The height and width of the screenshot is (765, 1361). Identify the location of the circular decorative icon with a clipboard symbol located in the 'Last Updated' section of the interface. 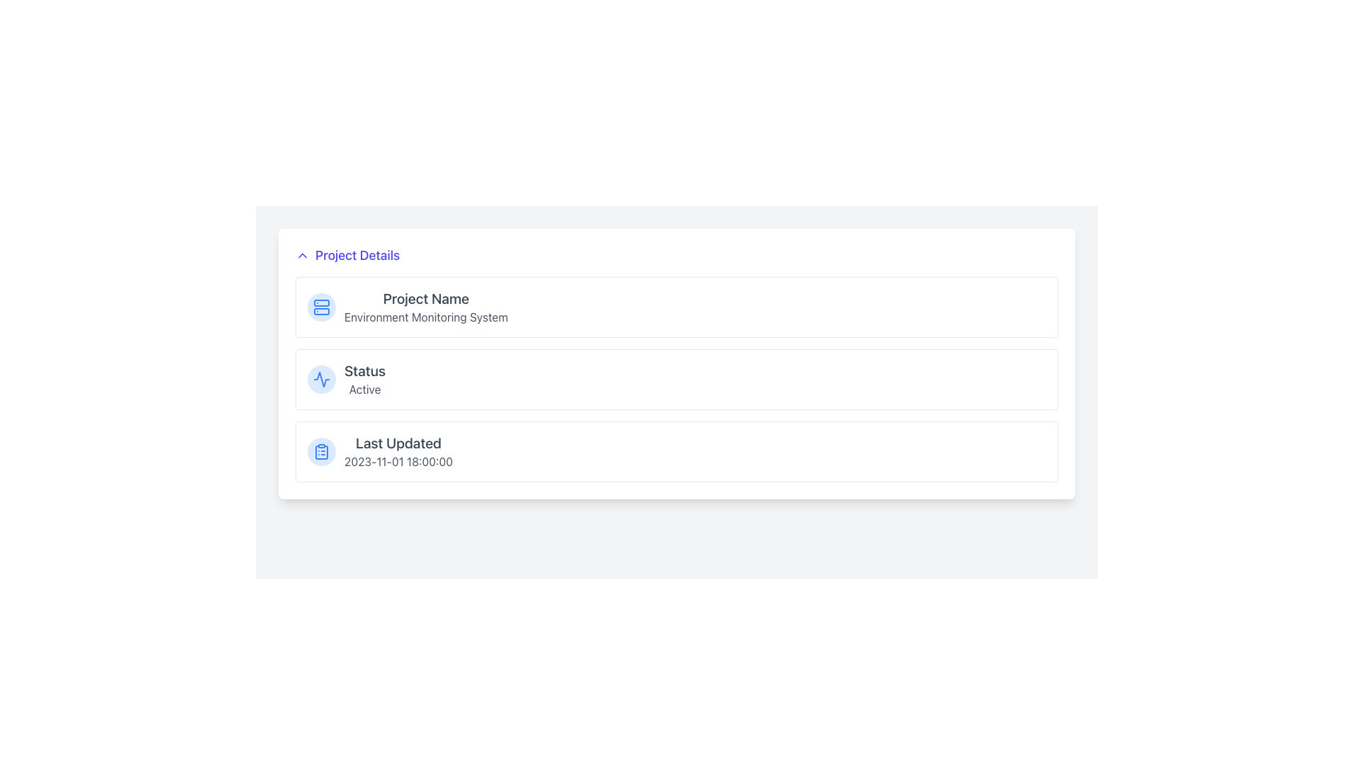
(321, 451).